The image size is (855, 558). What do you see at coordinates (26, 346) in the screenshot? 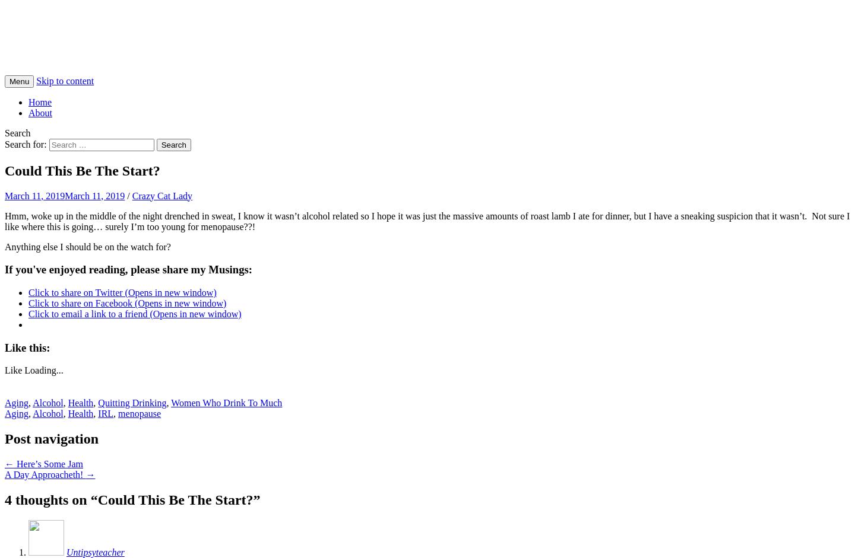
I see `'Like this:'` at bounding box center [26, 346].